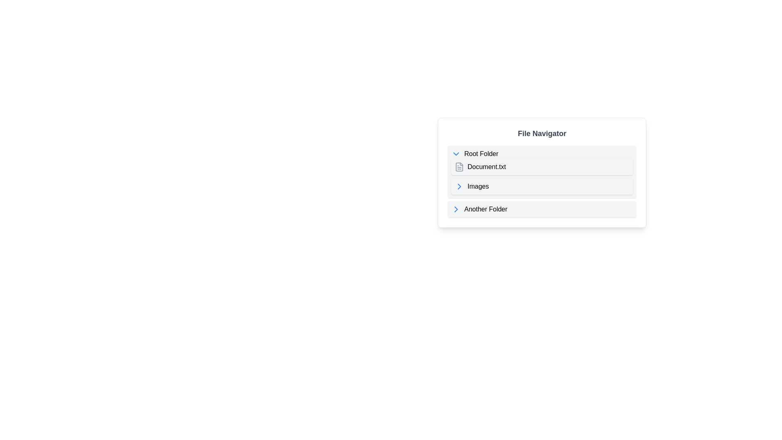  I want to click on the 'Root Folder' static text label, which is prominently displayed in black sans-serif font at the top of the file navigator interface, next to a chevron-down icon, so click(481, 154).